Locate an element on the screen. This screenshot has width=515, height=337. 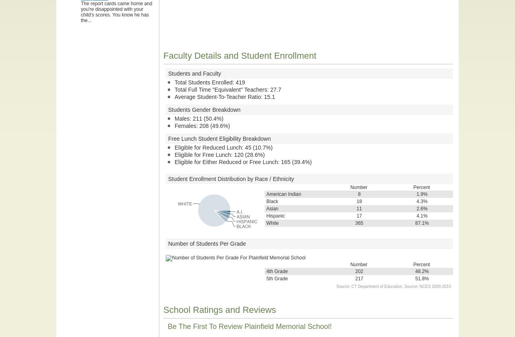
'51.8%' is located at coordinates (421, 278).